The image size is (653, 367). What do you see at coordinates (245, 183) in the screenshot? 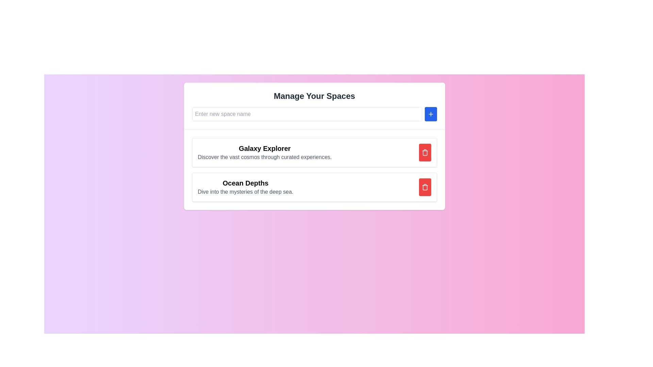
I see `the Text label that serves as a title for the 'Ocean Depths' content section, located centrally above the subtitle 'Dive into the mysteries of the deep sea.'` at bounding box center [245, 183].